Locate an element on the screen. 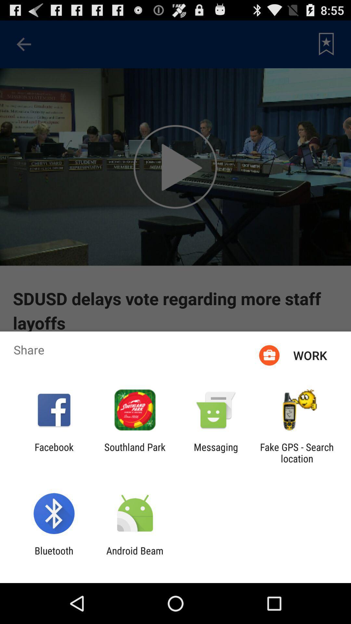 The width and height of the screenshot is (351, 624). the icon to the right of the bluetooth icon is located at coordinates (135, 556).